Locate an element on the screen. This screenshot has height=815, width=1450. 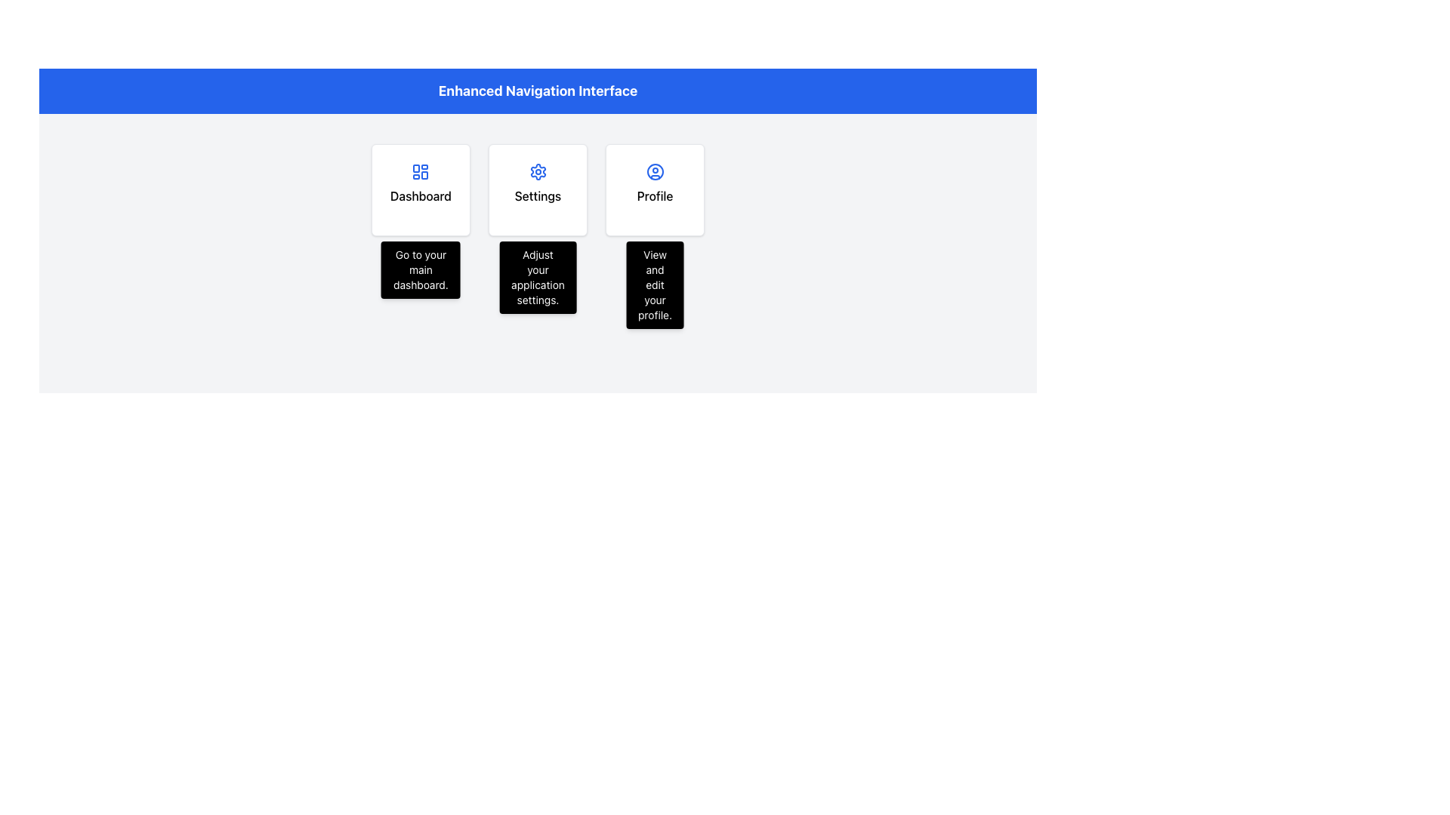
the Header text element, which serves as the main title or banner for the interface, indicating the application's name or functionality to the user is located at coordinates (538, 91).